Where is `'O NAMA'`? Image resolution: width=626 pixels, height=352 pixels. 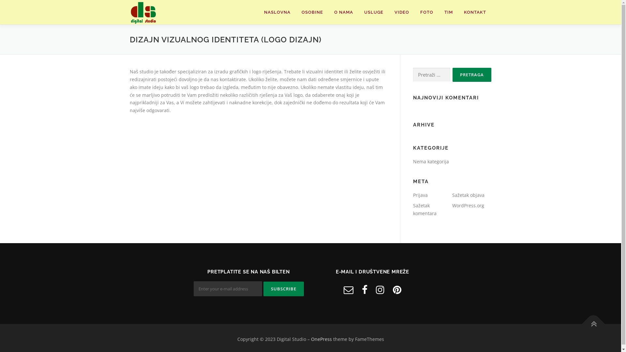
'O NAMA' is located at coordinates (343, 12).